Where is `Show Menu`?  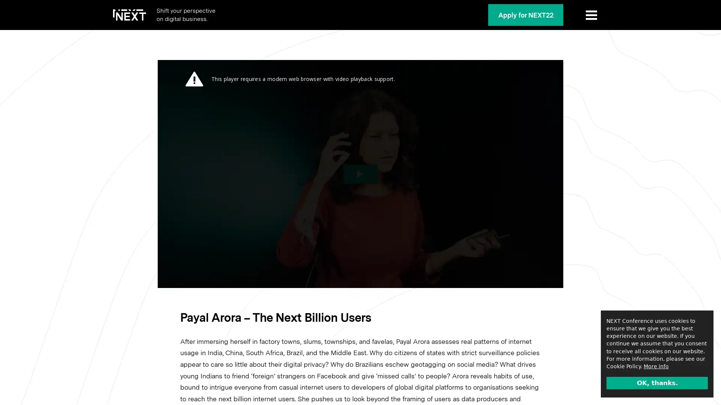
Show Menu is located at coordinates (591, 15).